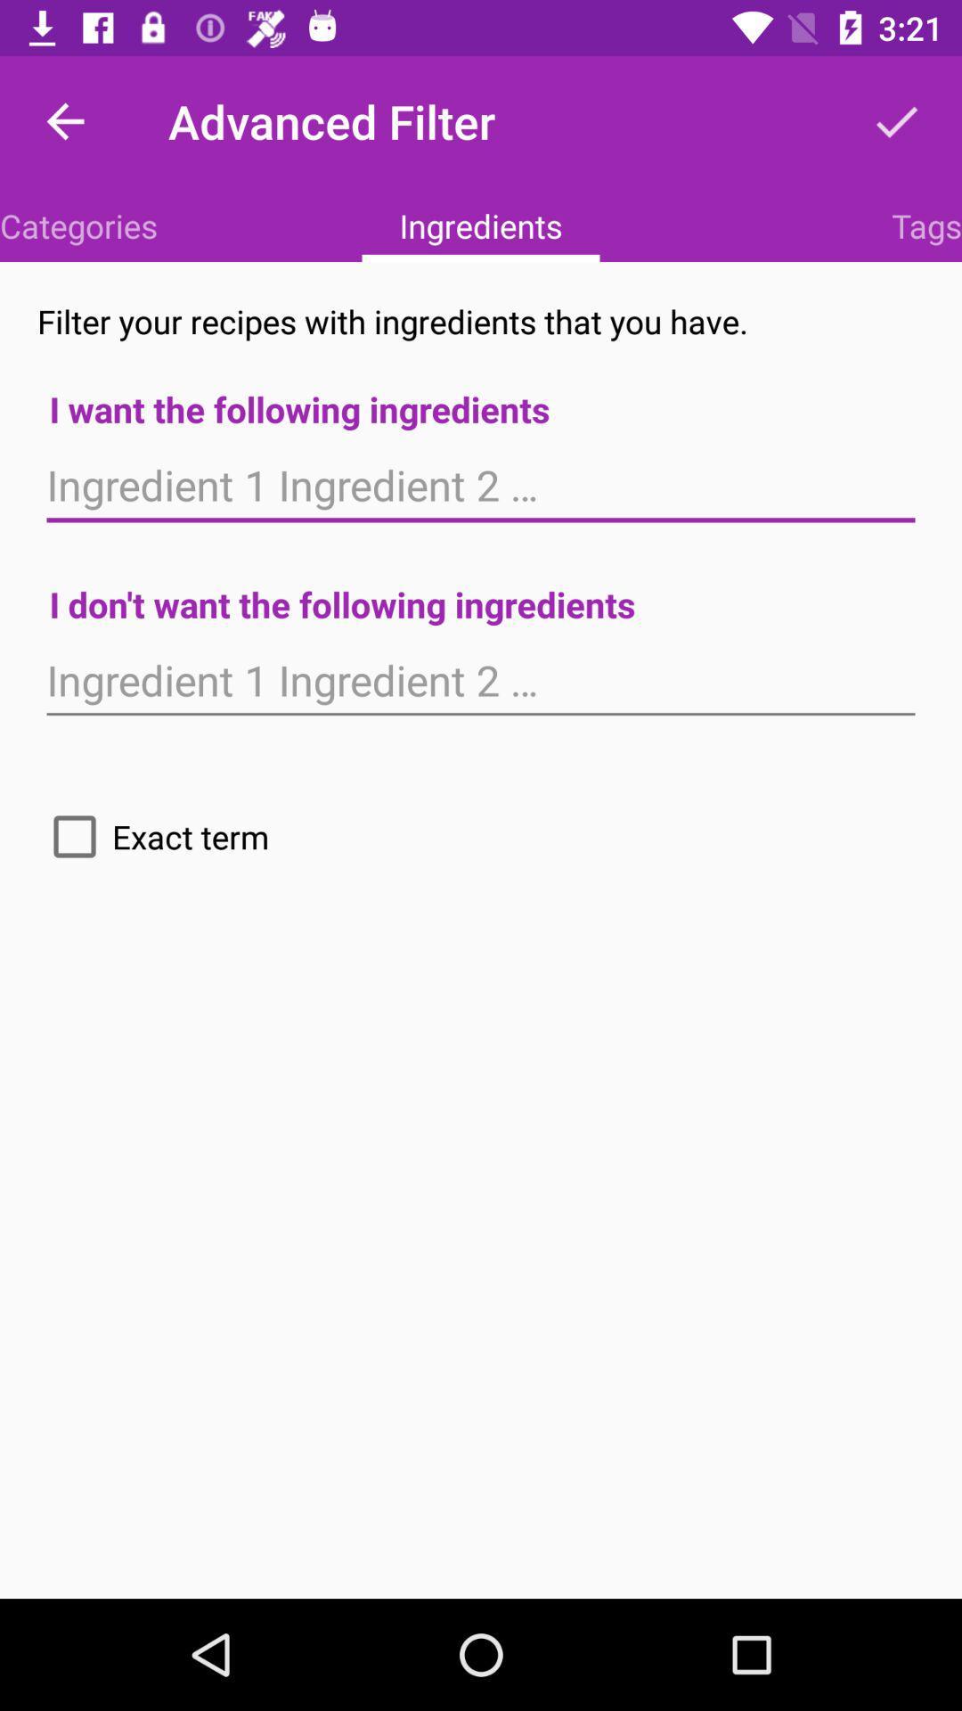  Describe the element at coordinates (64, 120) in the screenshot. I see `the item above categories` at that location.